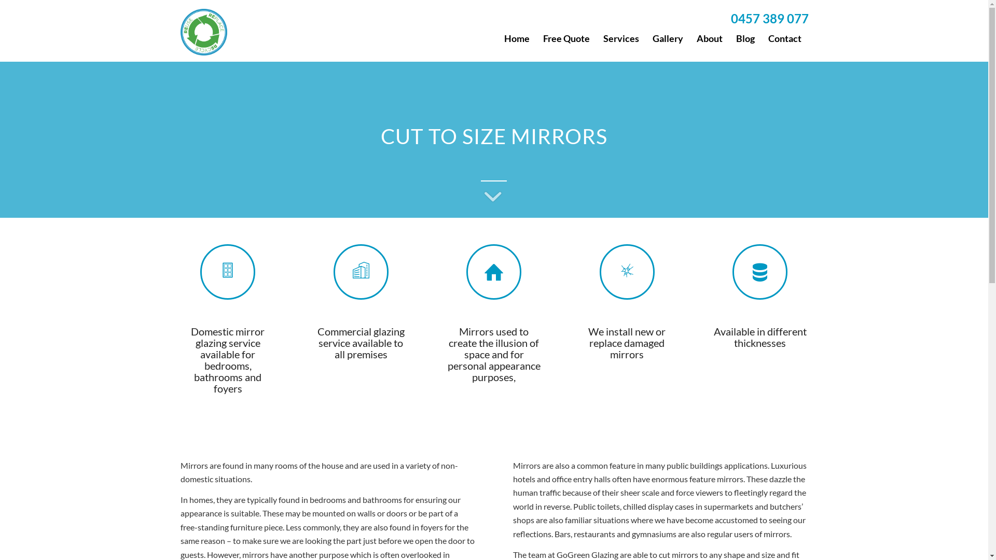 The height and width of the screenshot is (560, 996). What do you see at coordinates (709, 37) in the screenshot?
I see `'About'` at bounding box center [709, 37].